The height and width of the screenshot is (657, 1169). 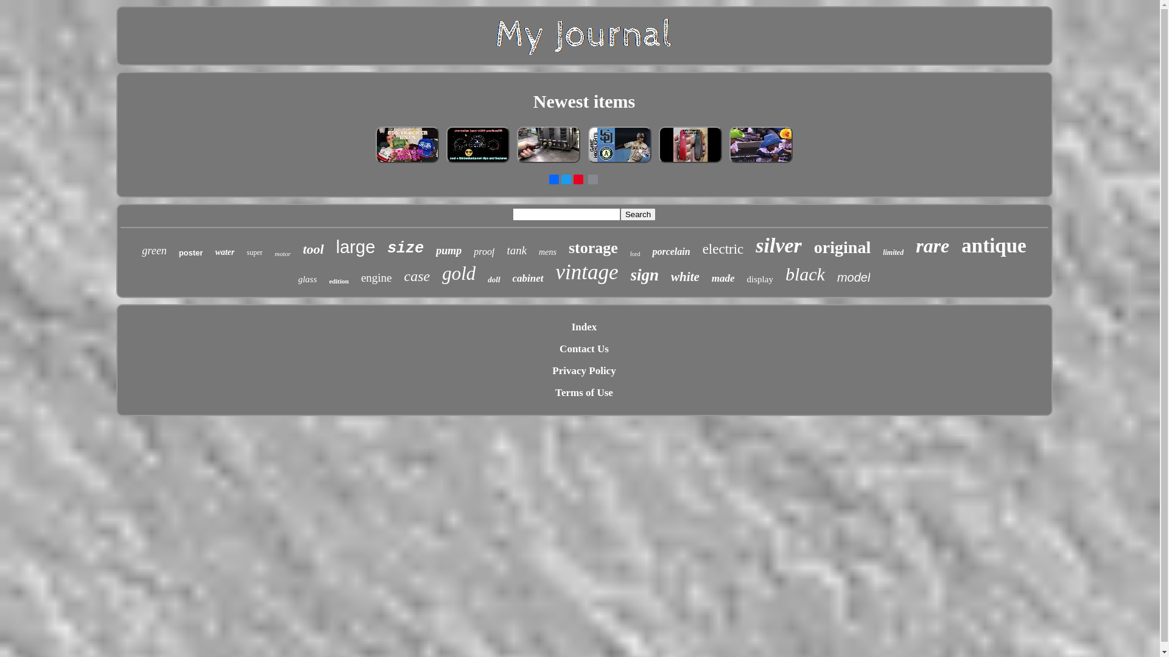 What do you see at coordinates (583, 370) in the screenshot?
I see `'Privacy Policy'` at bounding box center [583, 370].